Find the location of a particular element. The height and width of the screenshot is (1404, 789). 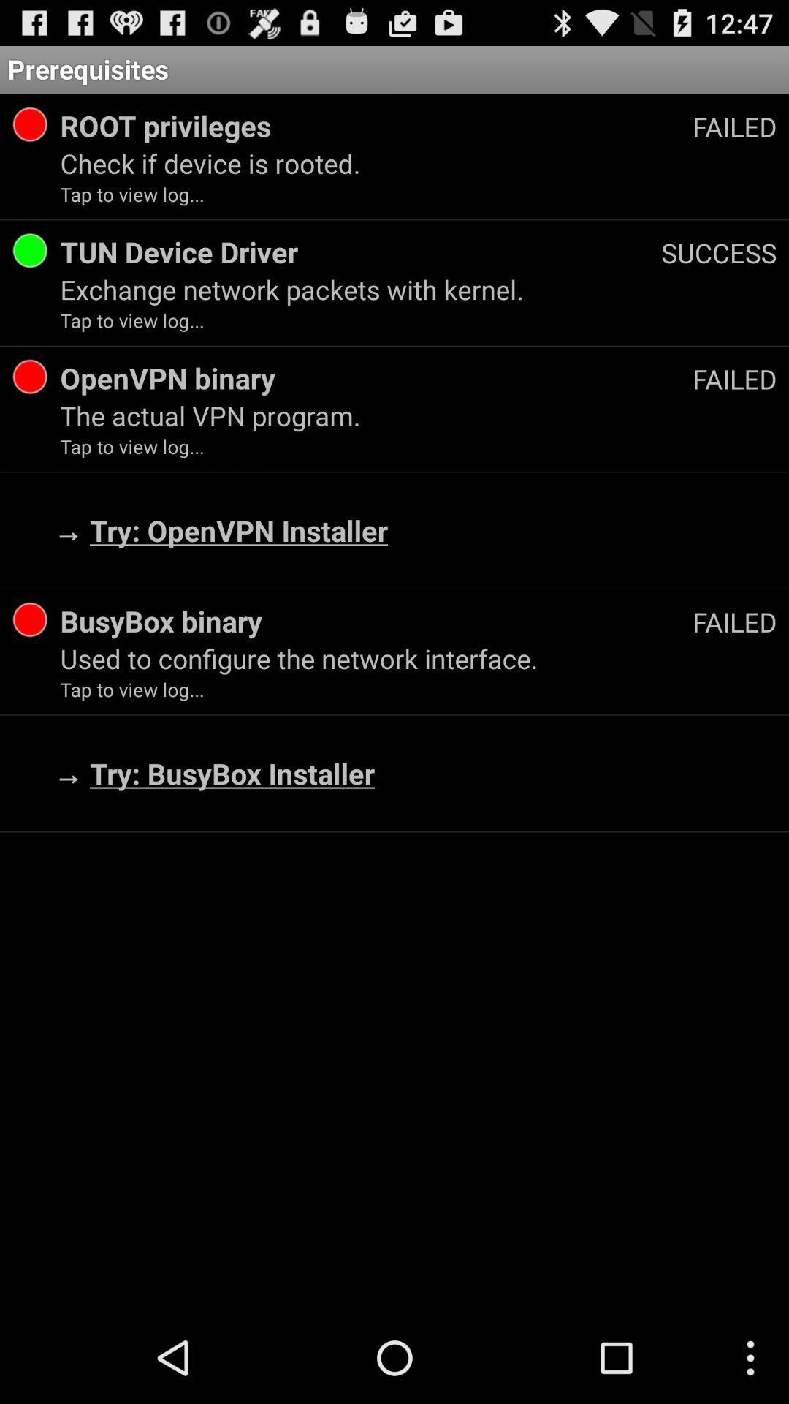

root privileges icon is located at coordinates (376, 126).